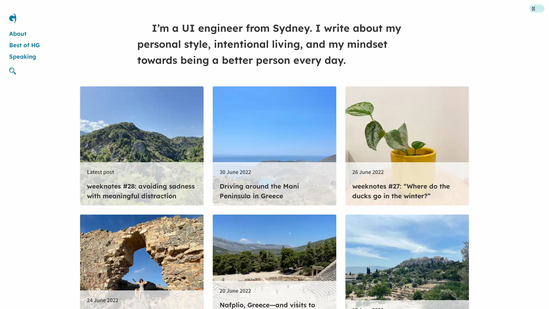 This screenshot has height=309, width=549. Describe the element at coordinates (325, 154) in the screenshot. I see `Search` at that location.